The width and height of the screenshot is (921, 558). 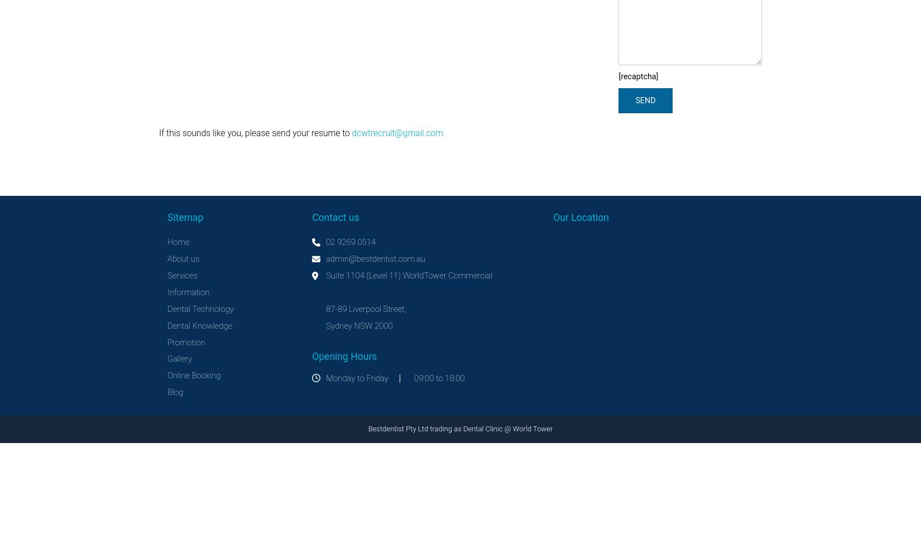 I want to click on 'Bestdentist Pty Ltd trading as Dental Clinic @ World Tower', so click(x=459, y=429).